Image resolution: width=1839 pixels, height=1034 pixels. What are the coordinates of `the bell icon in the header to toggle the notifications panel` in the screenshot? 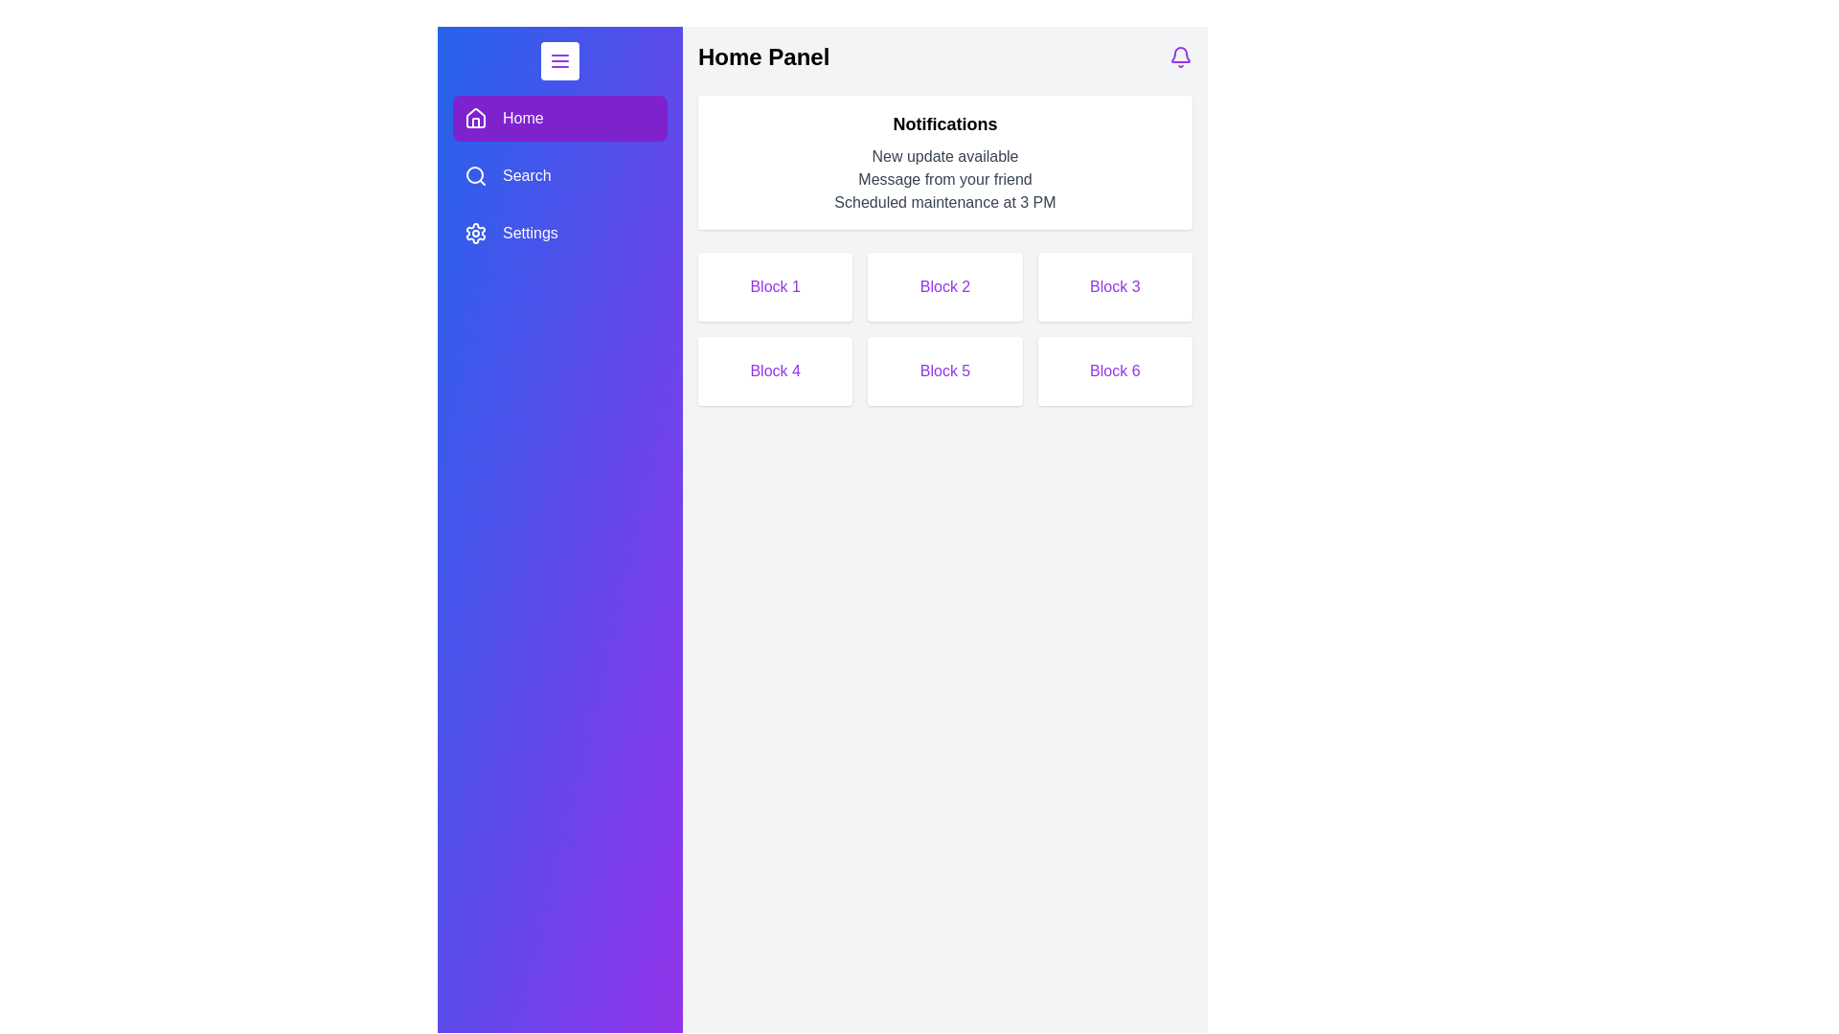 It's located at (1180, 56).